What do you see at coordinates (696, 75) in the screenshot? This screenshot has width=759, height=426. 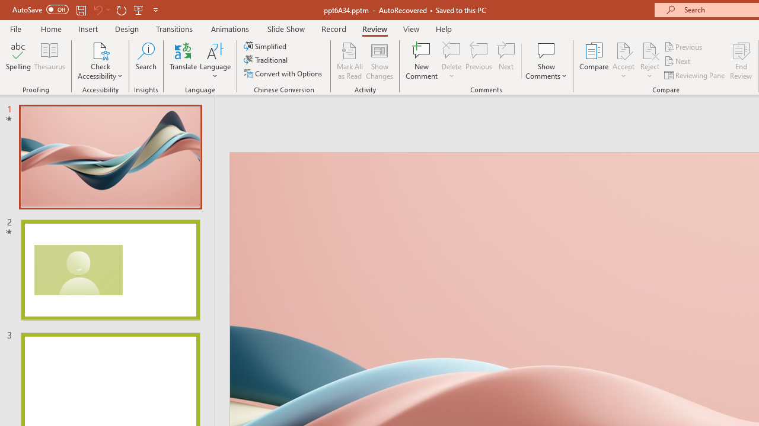 I see `'Reviewing Pane'` at bounding box center [696, 75].